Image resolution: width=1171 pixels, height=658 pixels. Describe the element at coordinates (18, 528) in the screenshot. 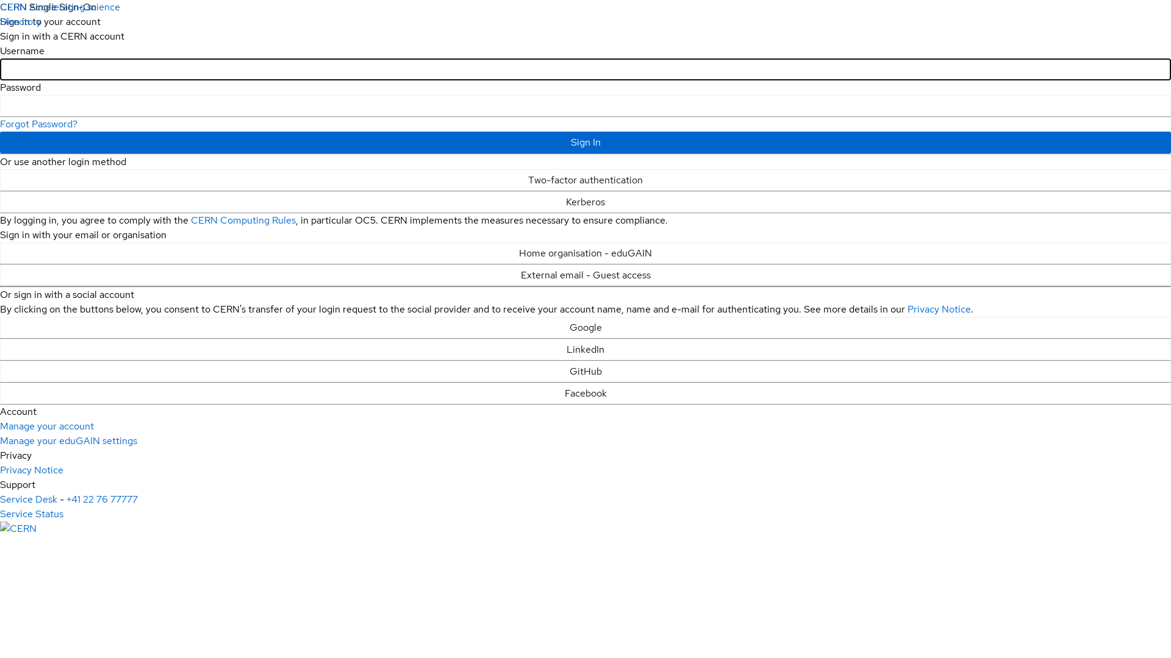

I see `'CERN'` at that location.